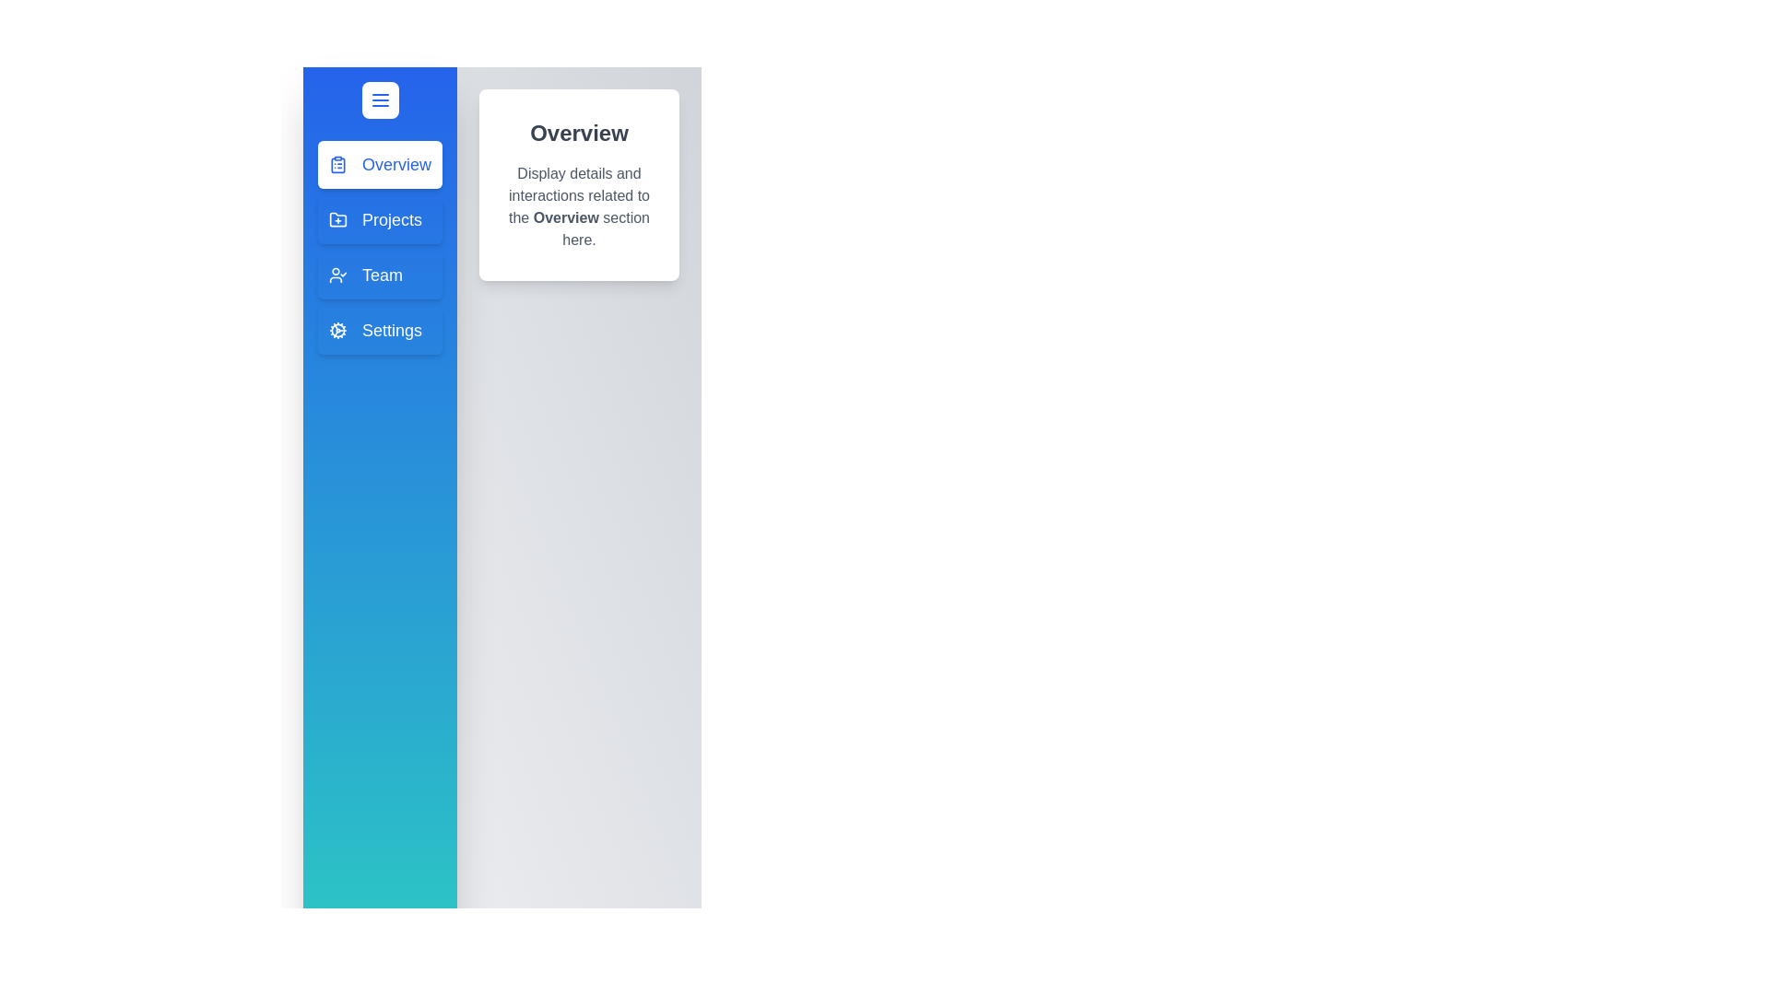 The image size is (1770, 995). What do you see at coordinates (379, 329) in the screenshot?
I see `the Settings section in the drawer` at bounding box center [379, 329].